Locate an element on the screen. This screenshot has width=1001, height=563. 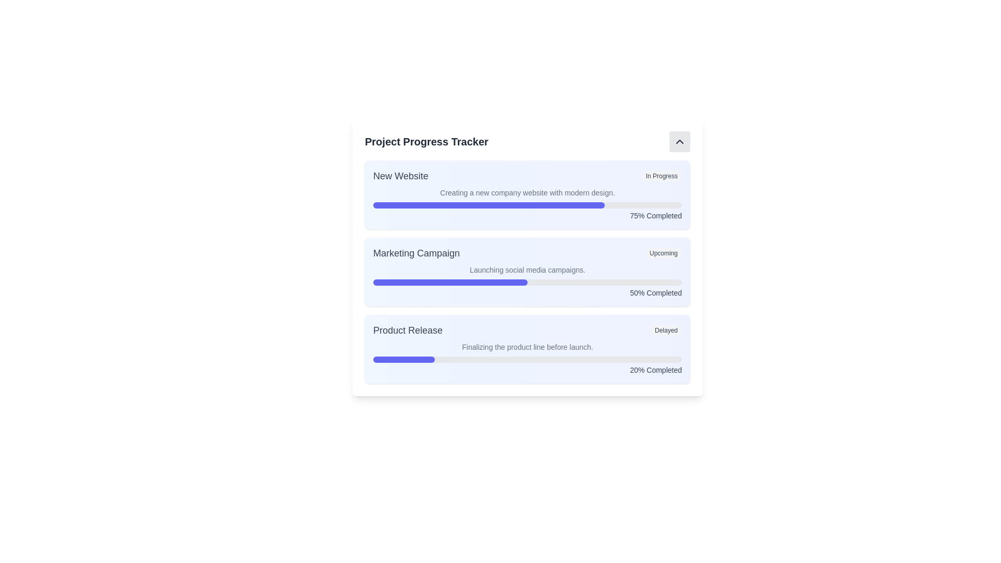
text of the 'Upcoming' status badge located in the upper-right section of the 'Marketing Campaign' header area within the 'Project Progress Tracker' is located at coordinates (663, 253).